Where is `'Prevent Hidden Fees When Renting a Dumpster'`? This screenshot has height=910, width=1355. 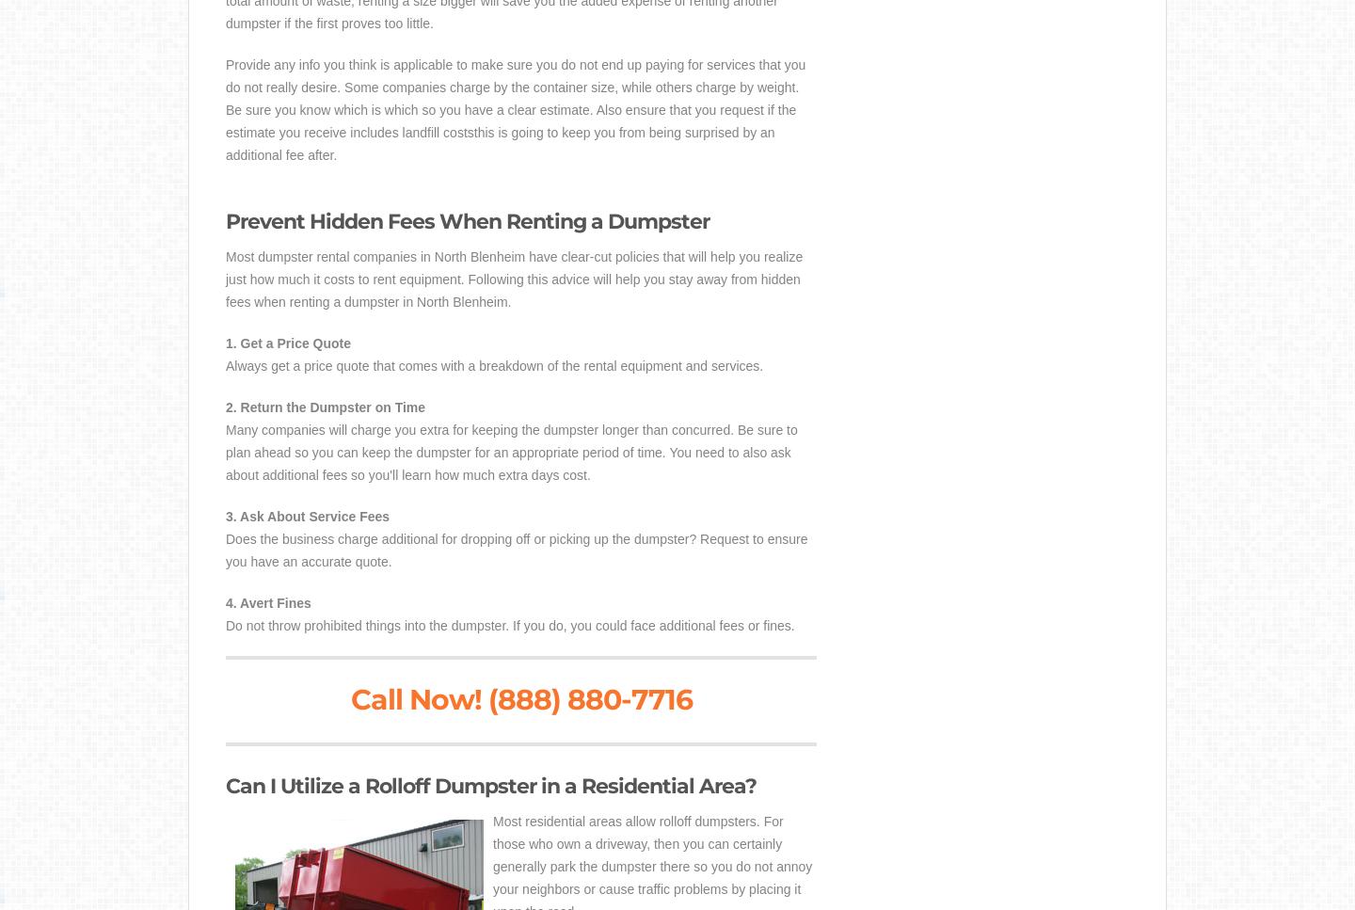
'Prevent Hidden Fees When Renting a Dumpster' is located at coordinates (226, 221).